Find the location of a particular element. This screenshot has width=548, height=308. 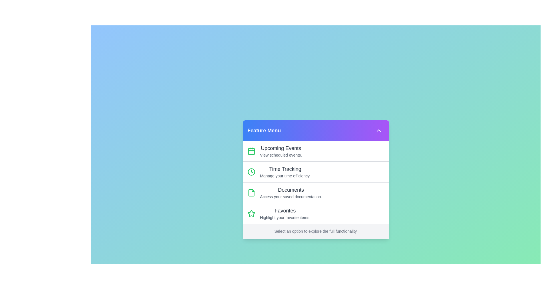

the menu item labeled 'Favorites' to highlight it is located at coordinates (316, 213).